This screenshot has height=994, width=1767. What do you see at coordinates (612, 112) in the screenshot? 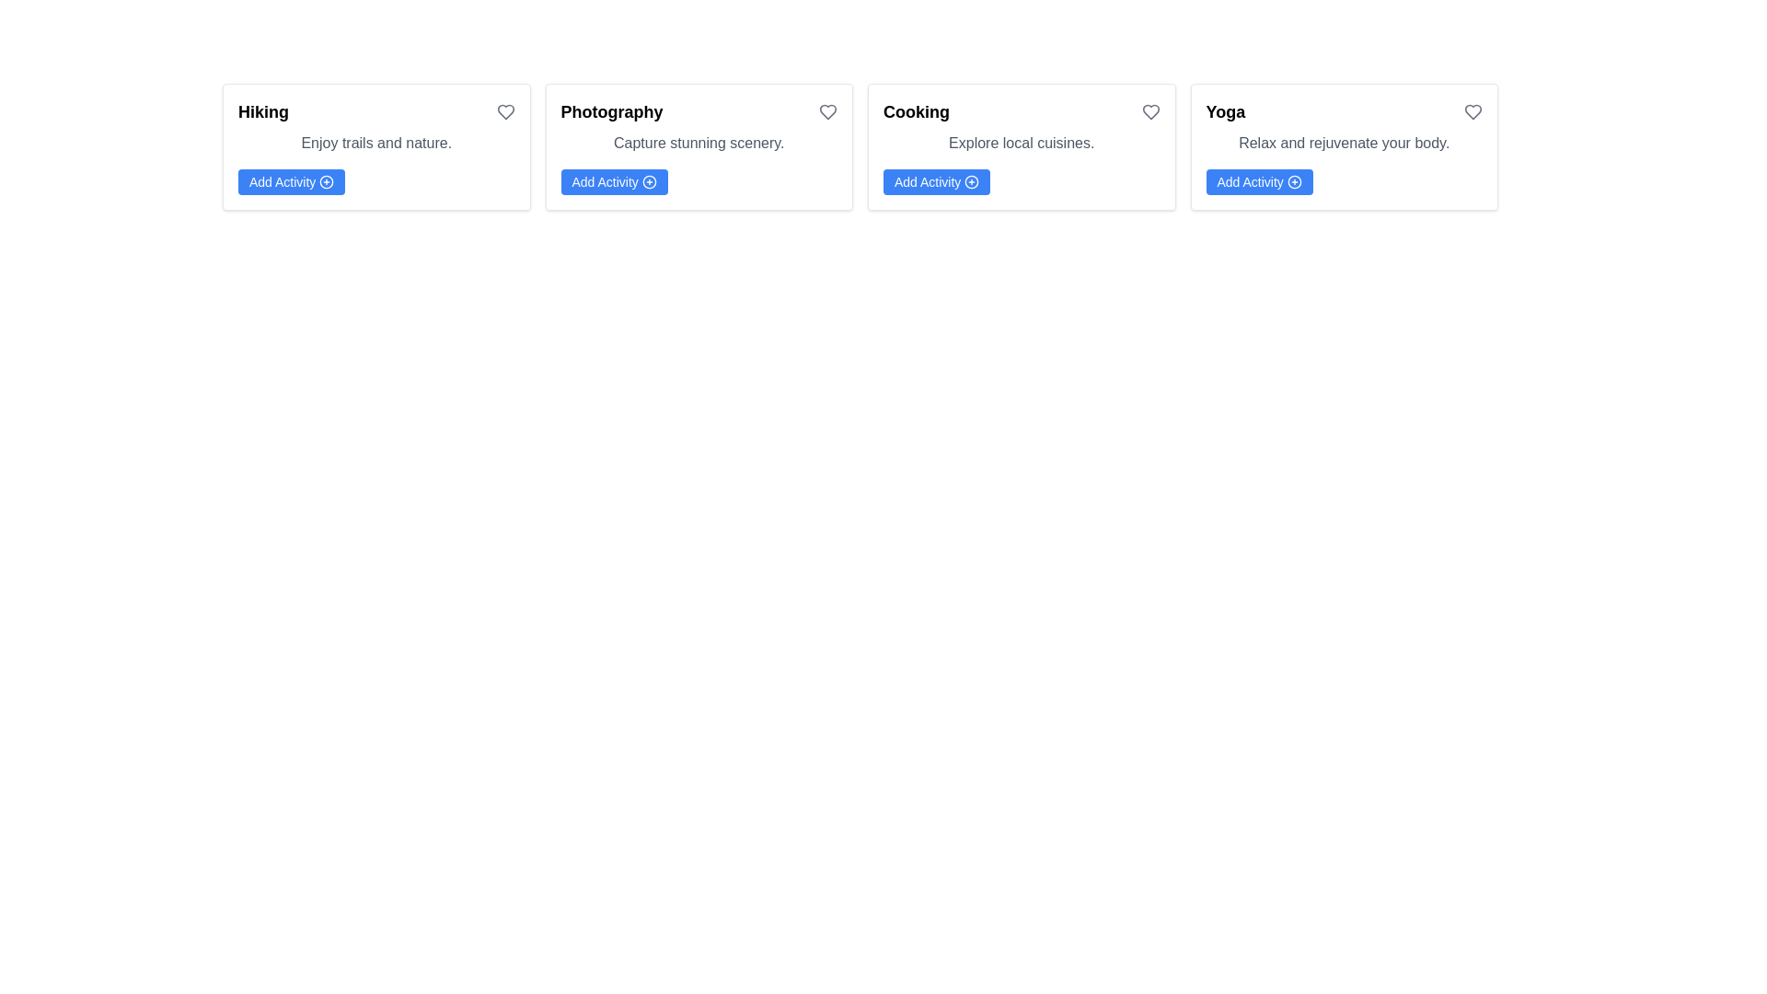
I see `the text label that serves as a title for the second card in a grid layout, positioned between the Hiking card and the Cooking card` at bounding box center [612, 112].